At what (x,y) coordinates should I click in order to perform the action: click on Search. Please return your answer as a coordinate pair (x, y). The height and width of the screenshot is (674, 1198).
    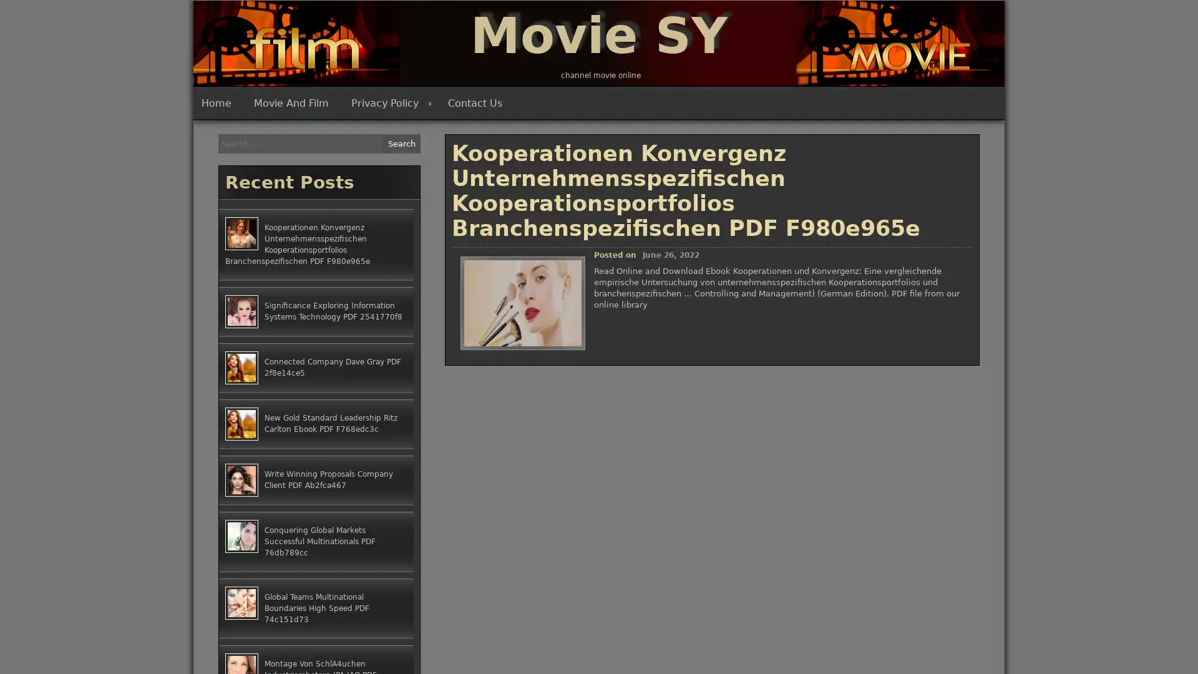
    Looking at the image, I should click on (401, 143).